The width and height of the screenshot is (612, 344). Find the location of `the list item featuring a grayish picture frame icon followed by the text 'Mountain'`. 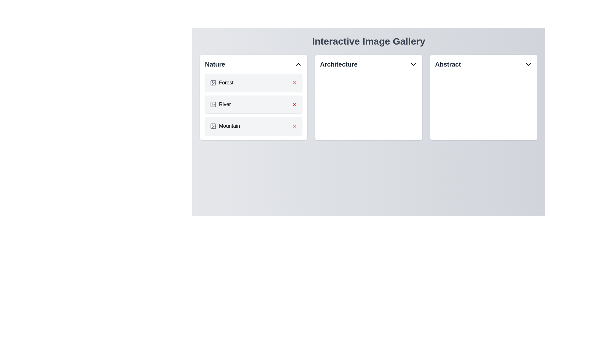

the list item featuring a grayish picture frame icon followed by the text 'Mountain' is located at coordinates (225, 126).